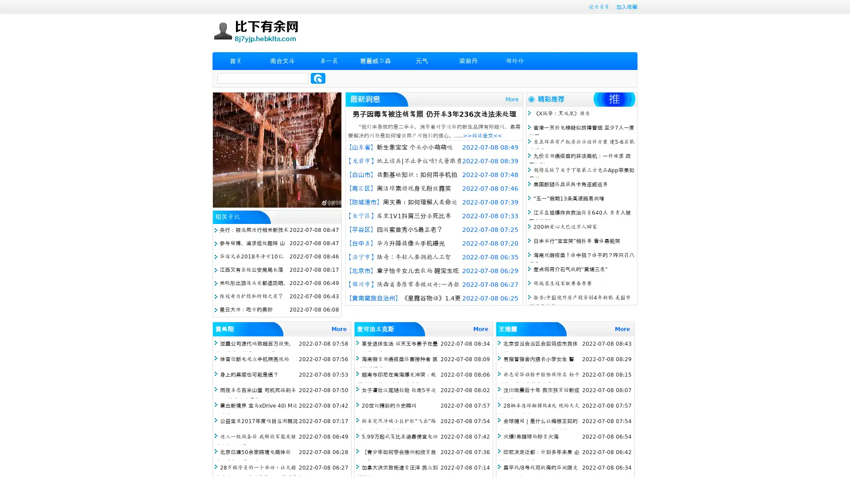 This screenshot has width=850, height=478. I want to click on Search, so click(318, 78).